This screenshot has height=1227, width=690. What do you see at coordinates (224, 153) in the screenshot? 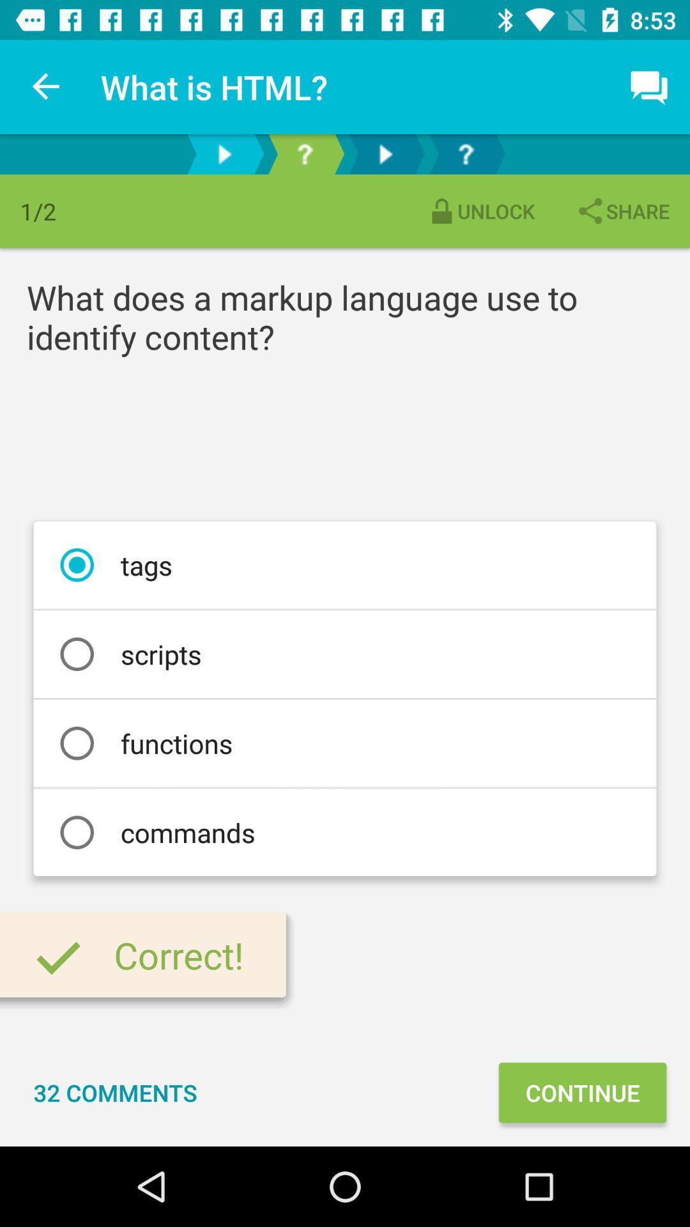
I see `go forward` at bounding box center [224, 153].